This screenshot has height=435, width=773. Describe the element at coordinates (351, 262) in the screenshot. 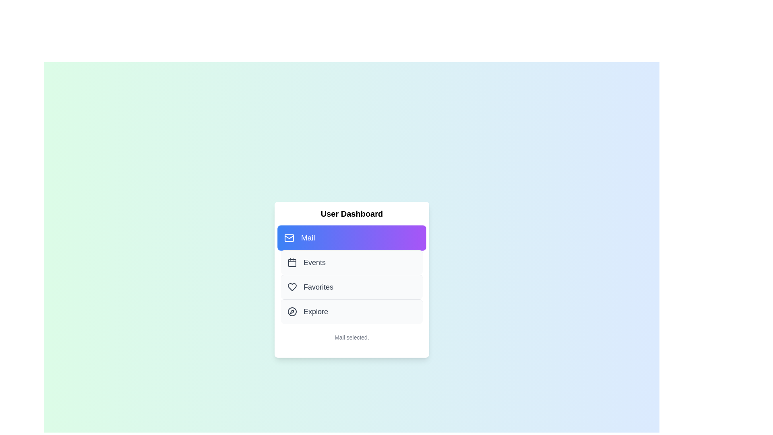

I see `the menu option labeled Events` at that location.